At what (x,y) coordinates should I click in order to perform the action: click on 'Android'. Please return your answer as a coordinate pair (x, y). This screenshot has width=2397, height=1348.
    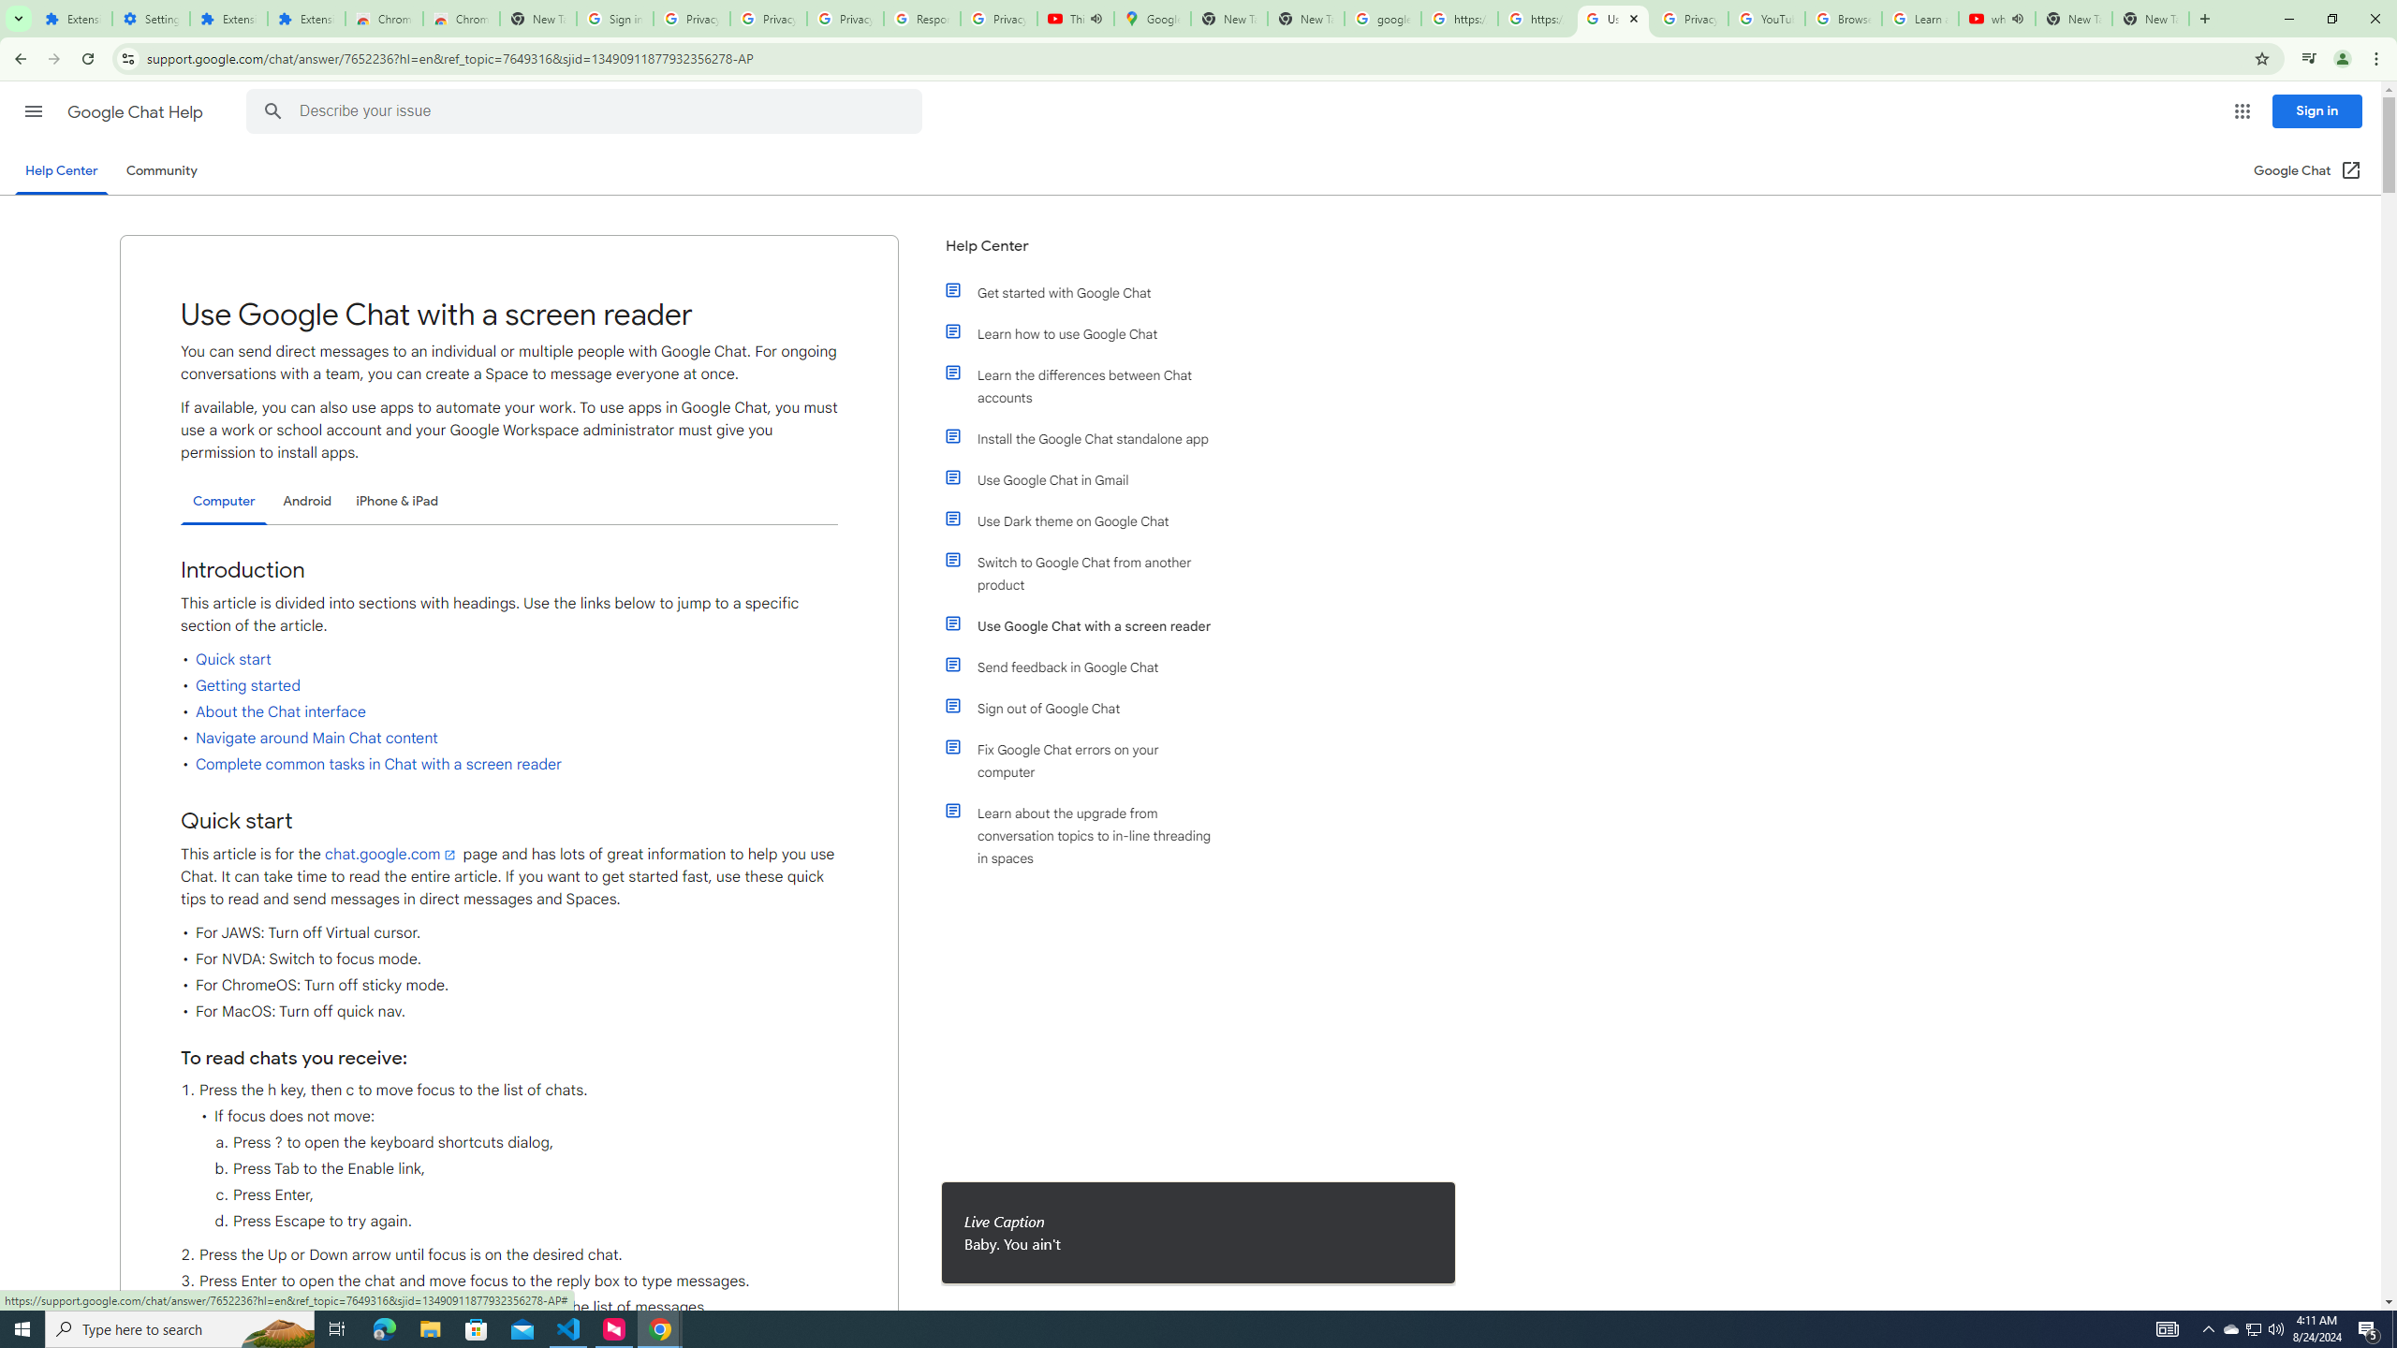
    Looking at the image, I should click on (306, 501).